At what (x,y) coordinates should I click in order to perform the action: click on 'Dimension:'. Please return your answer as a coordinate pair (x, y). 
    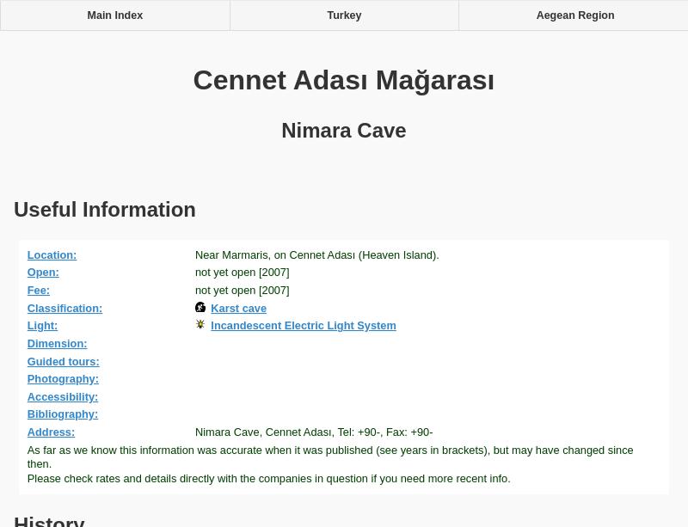
    Looking at the image, I should click on (26, 341).